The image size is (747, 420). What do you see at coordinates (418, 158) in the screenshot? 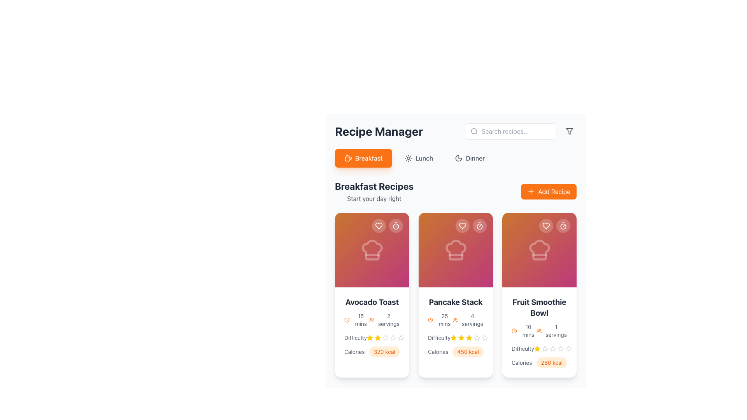
I see `the lunch filter button located between the Breakfast and Dinner buttons under the 'Recipe Manager' title` at bounding box center [418, 158].